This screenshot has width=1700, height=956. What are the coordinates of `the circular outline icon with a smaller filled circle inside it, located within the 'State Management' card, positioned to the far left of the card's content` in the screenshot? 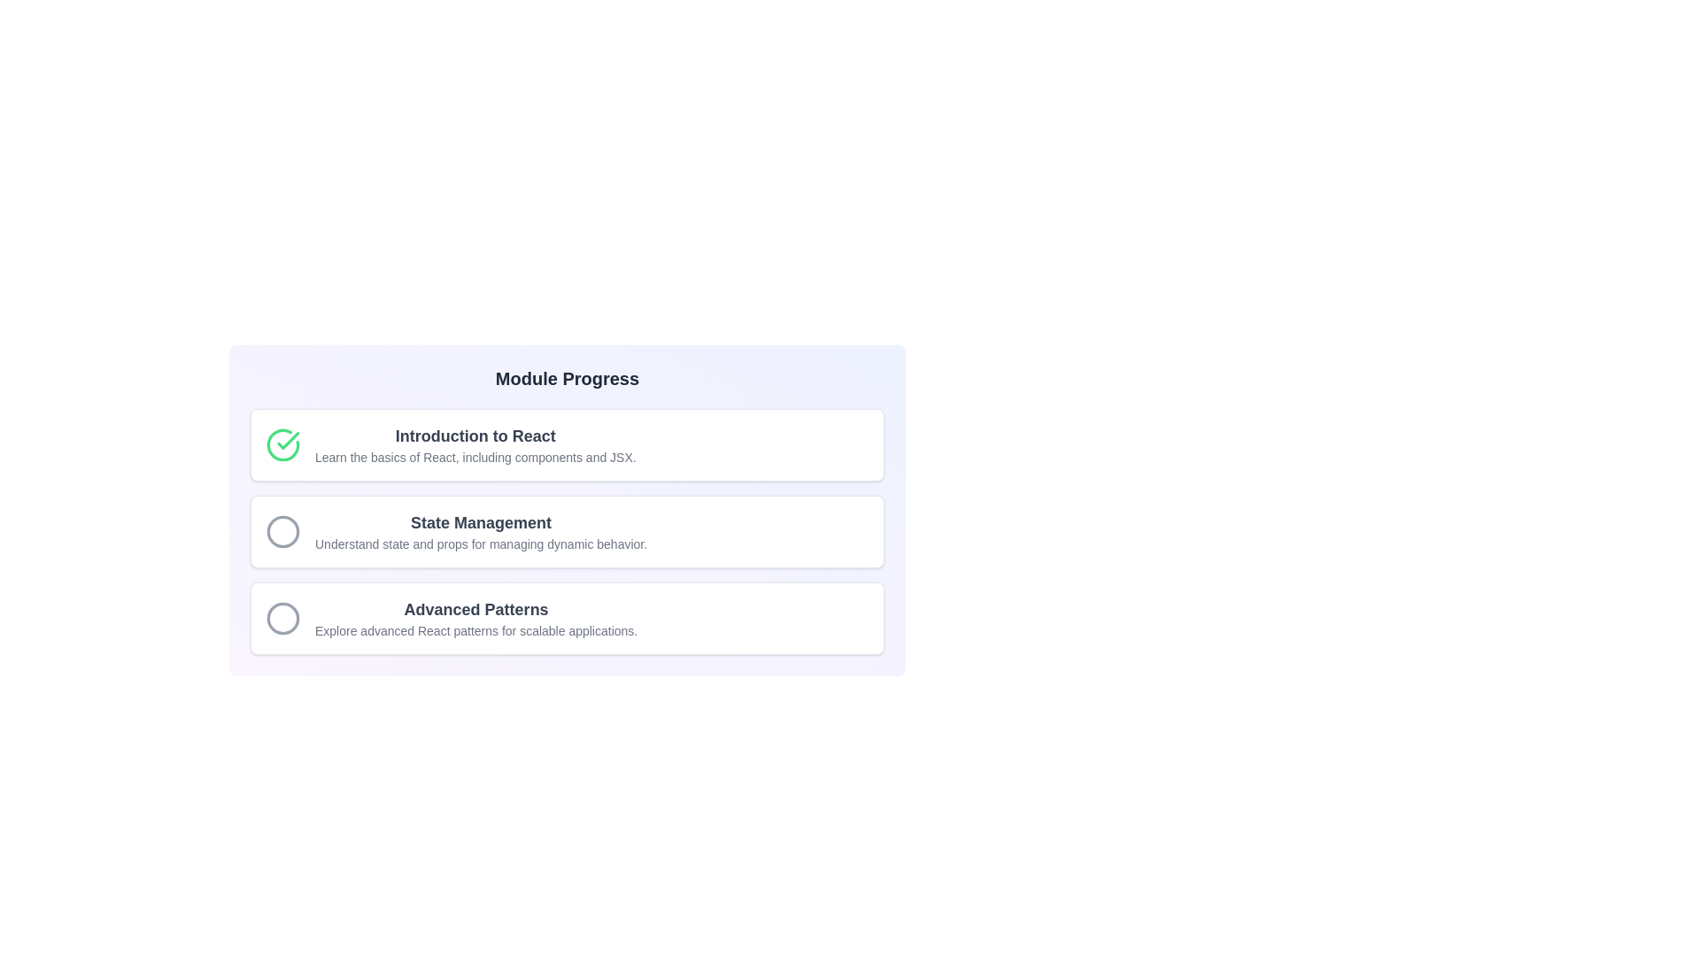 It's located at (283, 531).